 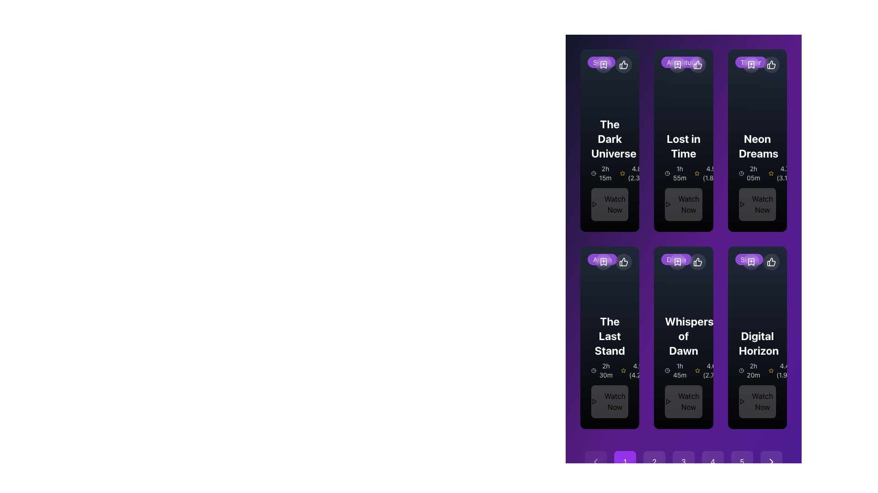 I want to click on the 'like' icon located inside a small, circular button at the top-right corner of the card for 'The Last Stand', in the second row and first column of the grid layout, so click(x=623, y=262).